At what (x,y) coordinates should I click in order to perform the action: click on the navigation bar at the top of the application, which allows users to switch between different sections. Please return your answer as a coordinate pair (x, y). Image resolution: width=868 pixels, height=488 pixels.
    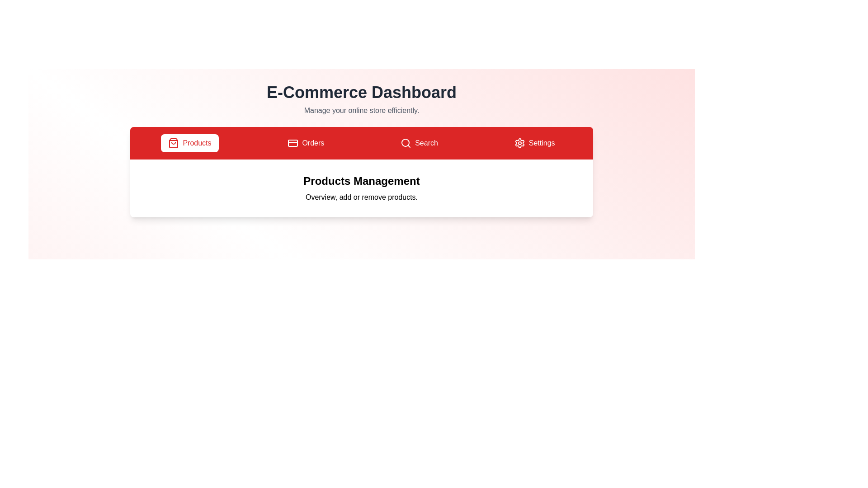
    Looking at the image, I should click on (362, 142).